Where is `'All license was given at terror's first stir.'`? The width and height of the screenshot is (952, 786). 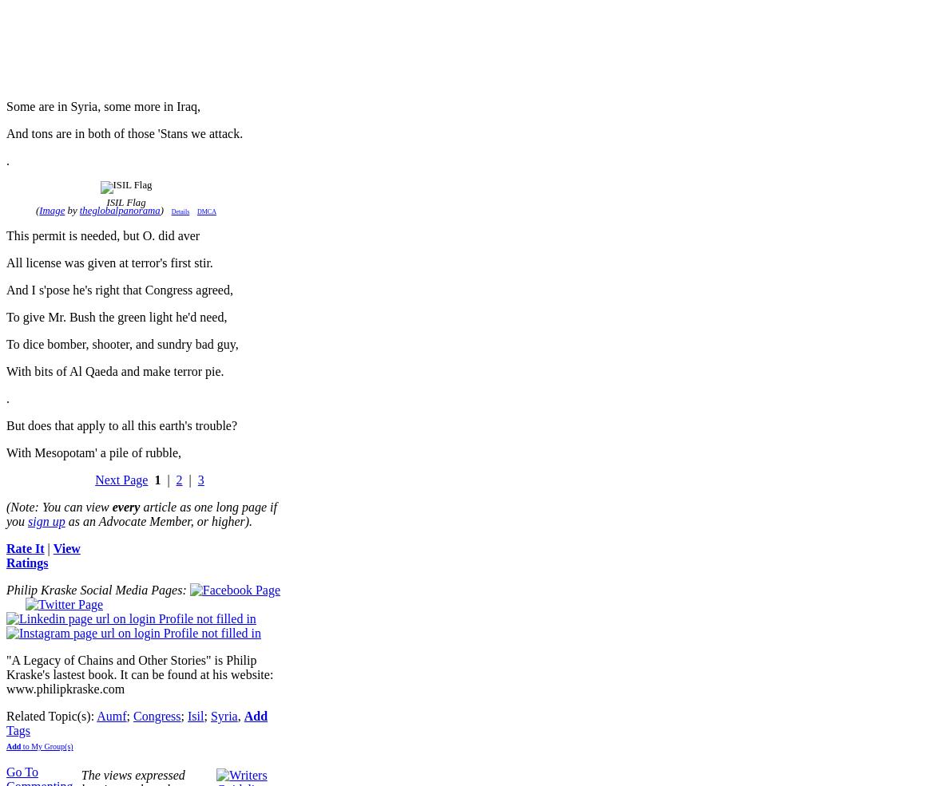 'All license was given at terror's first stir.' is located at coordinates (109, 263).